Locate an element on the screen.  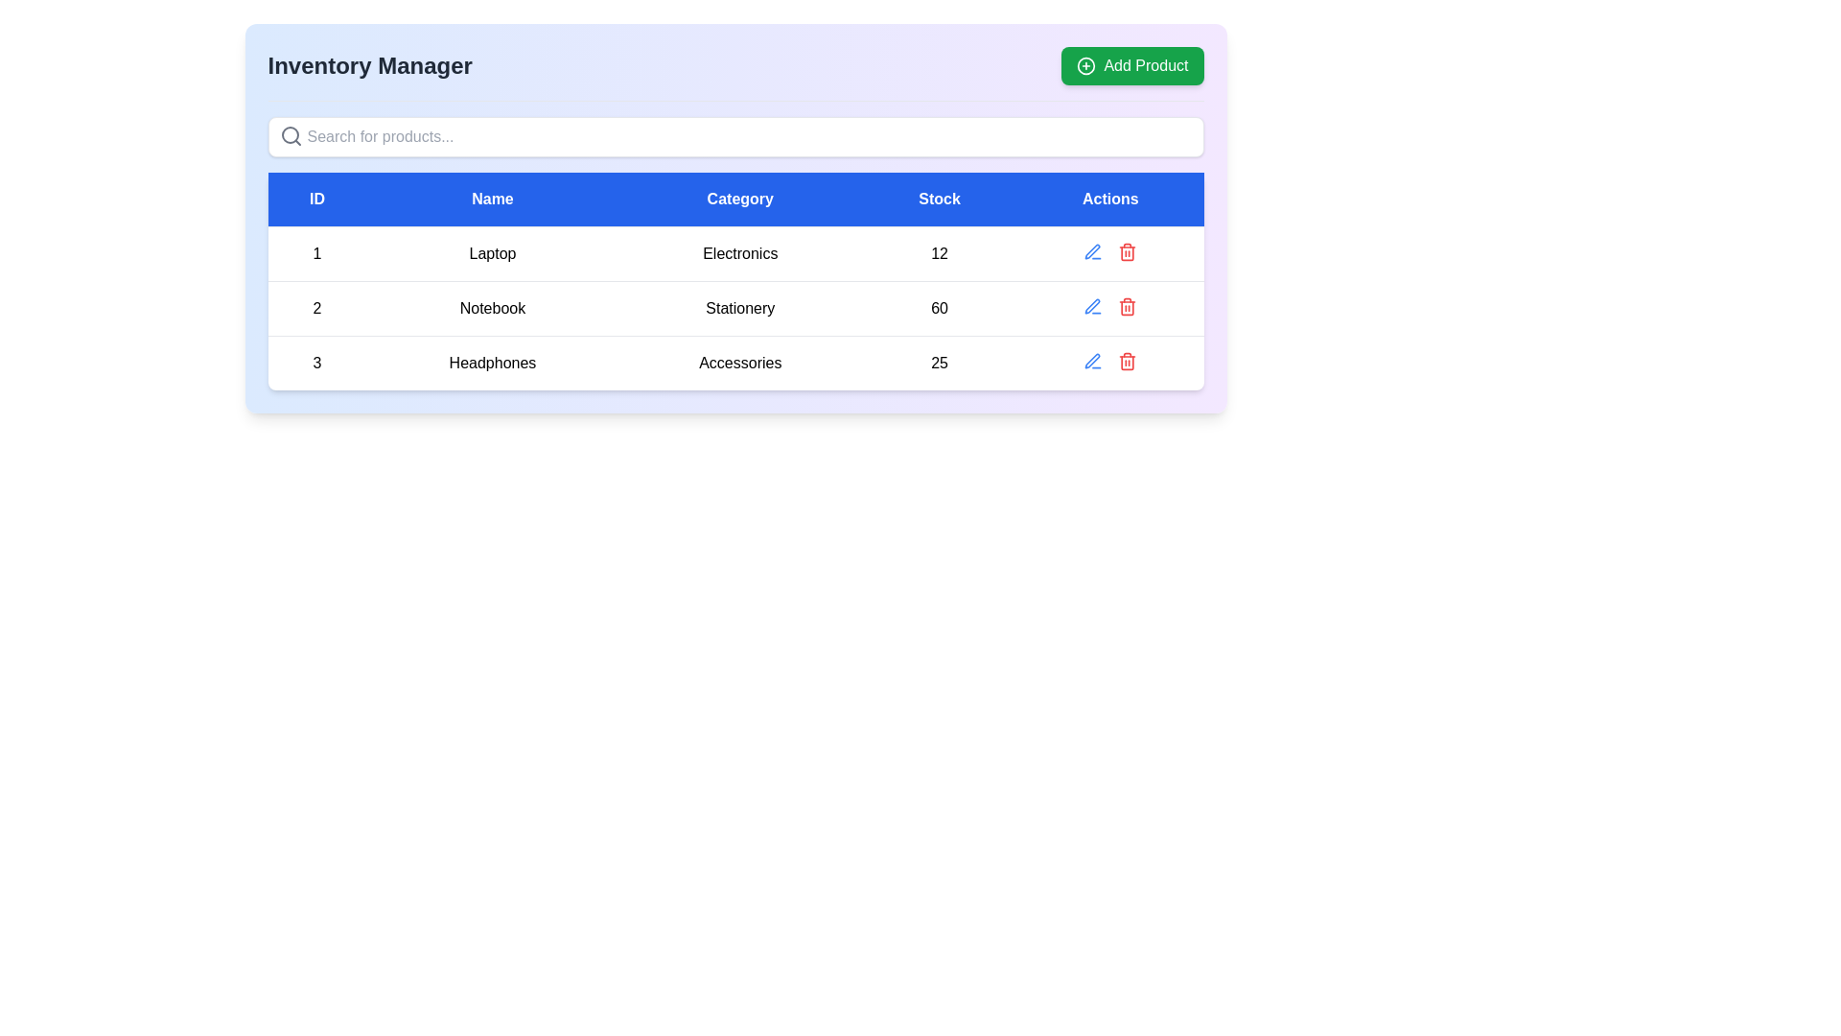
the Toolbar with action buttons is located at coordinates (1110, 362).